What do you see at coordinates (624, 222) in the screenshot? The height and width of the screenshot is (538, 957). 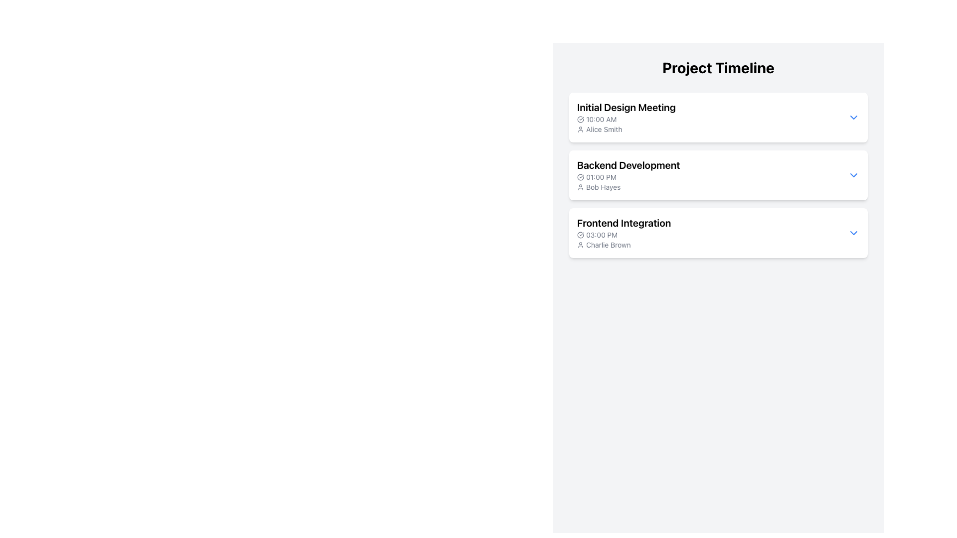 I see `the bold text label 'Frontend Integration' located at the top of the schedule entry card in the timeline` at bounding box center [624, 222].